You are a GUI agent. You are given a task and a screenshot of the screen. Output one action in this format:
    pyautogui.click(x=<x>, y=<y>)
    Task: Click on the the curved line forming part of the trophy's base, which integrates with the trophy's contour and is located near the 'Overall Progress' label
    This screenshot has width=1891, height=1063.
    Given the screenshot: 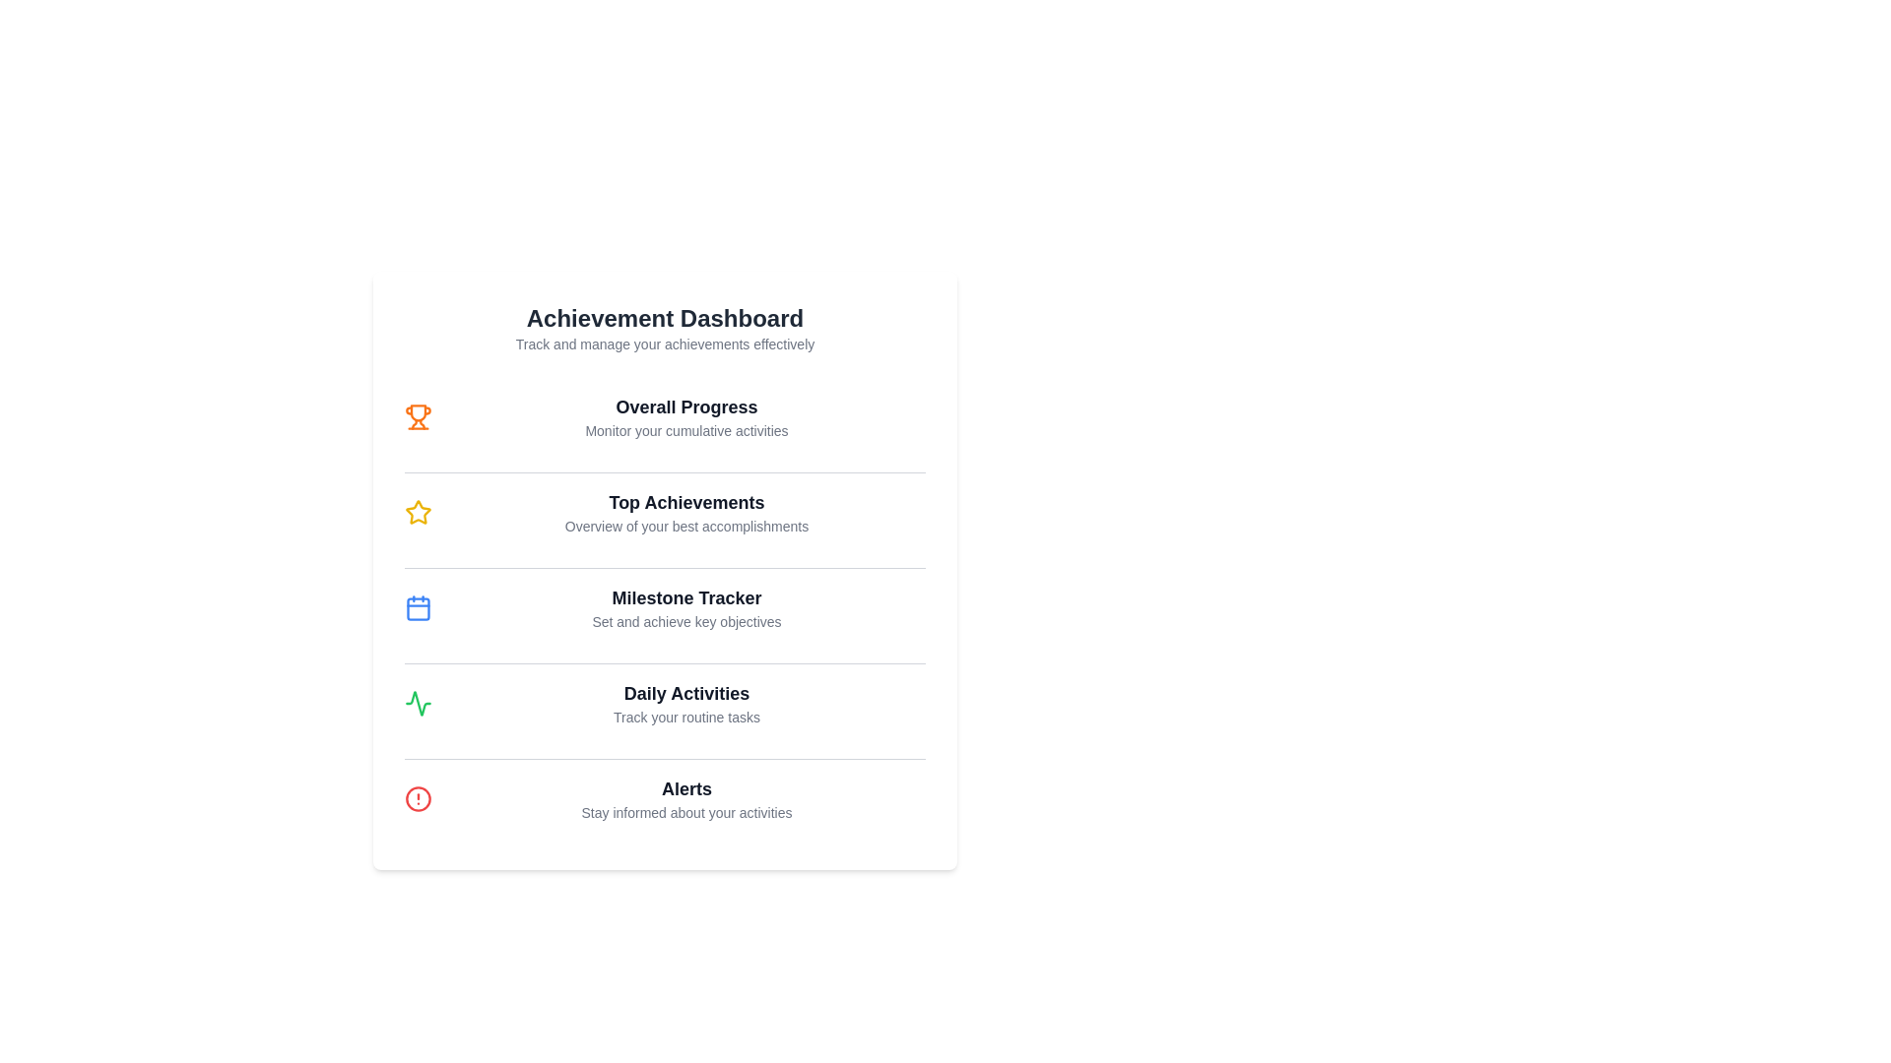 What is the action you would take?
    pyautogui.click(x=422, y=423)
    